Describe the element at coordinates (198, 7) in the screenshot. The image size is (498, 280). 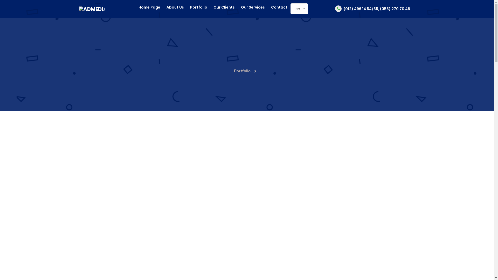
I see `'Portfolio'` at that location.